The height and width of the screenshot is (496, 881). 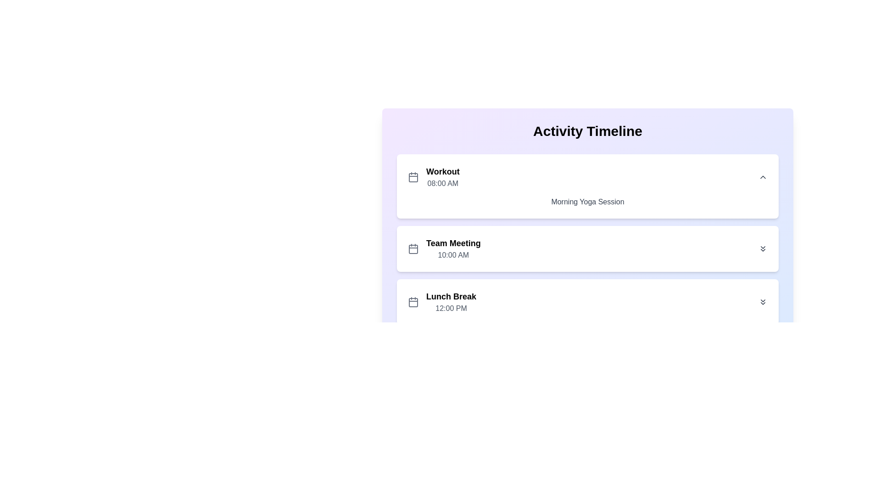 What do you see at coordinates (453, 249) in the screenshot?
I see `the text block containing the heading 'Team Meeting' and subtext '10:00 AM', which is the second activity item in the timeline interface` at bounding box center [453, 249].